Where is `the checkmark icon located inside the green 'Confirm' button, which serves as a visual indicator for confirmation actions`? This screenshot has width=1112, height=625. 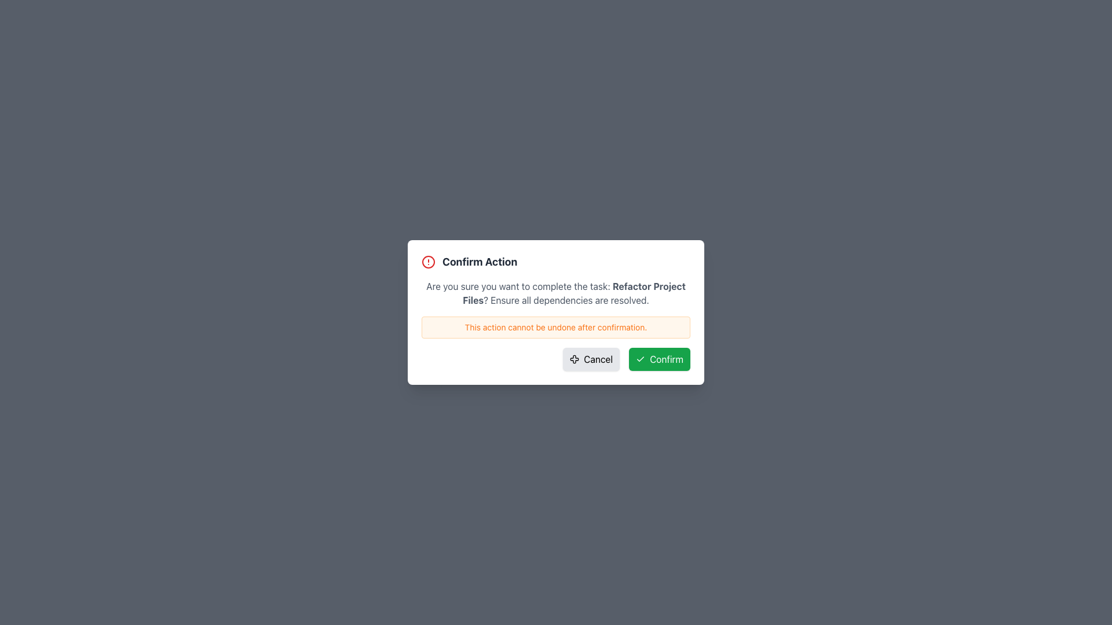
the checkmark icon located inside the green 'Confirm' button, which serves as a visual indicator for confirmation actions is located at coordinates (640, 359).